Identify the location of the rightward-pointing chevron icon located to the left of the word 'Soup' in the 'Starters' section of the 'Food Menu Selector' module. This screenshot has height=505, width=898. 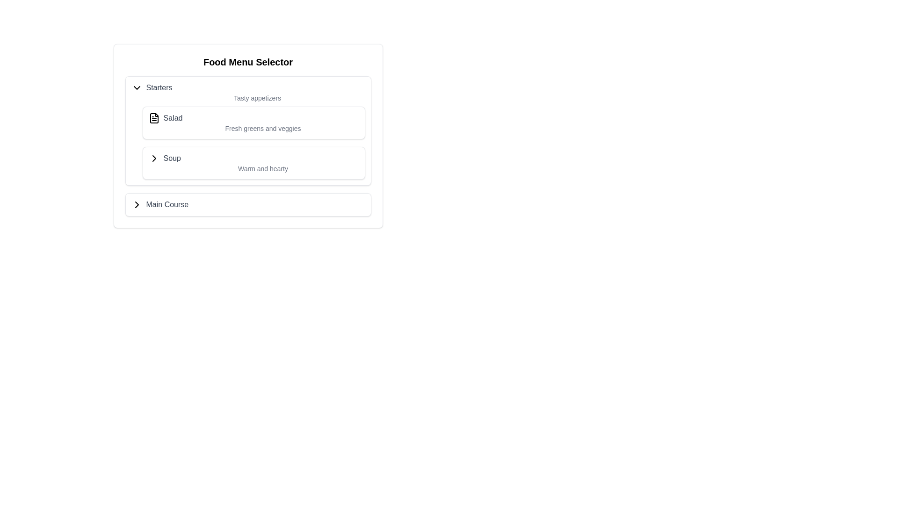
(154, 158).